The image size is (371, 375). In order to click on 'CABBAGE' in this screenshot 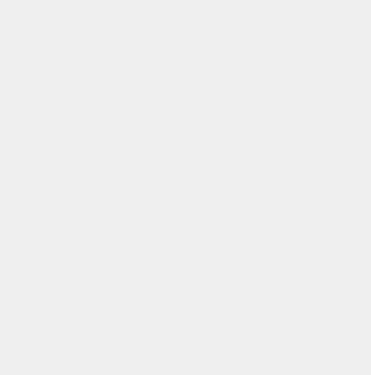, I will do `click(39, 333)`.